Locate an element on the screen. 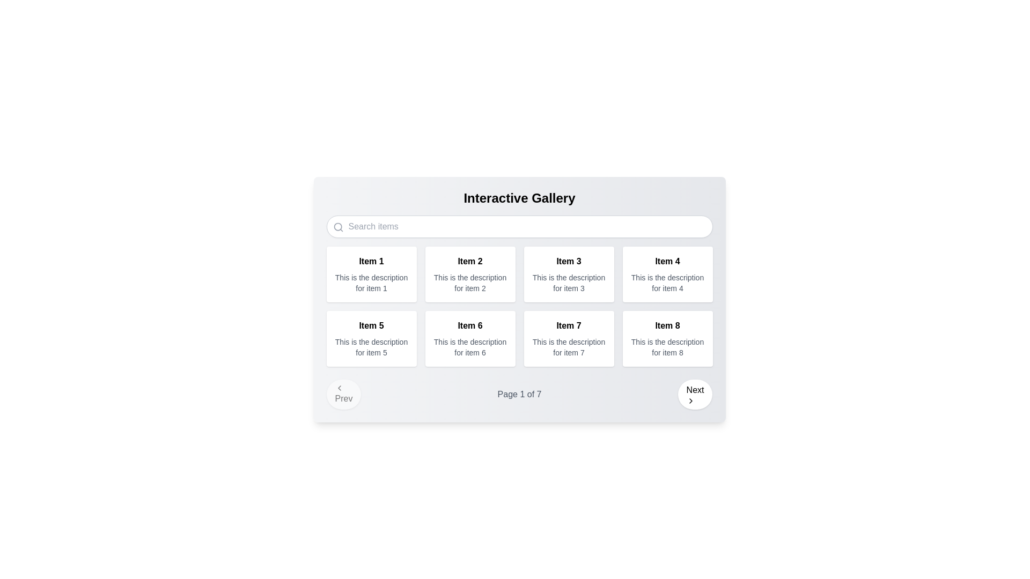 This screenshot has width=1030, height=579. the informational card titled 'Item 8' to trigger hover effects, which is located in the second row and fourth column of the grid layout is located at coordinates (667, 339).